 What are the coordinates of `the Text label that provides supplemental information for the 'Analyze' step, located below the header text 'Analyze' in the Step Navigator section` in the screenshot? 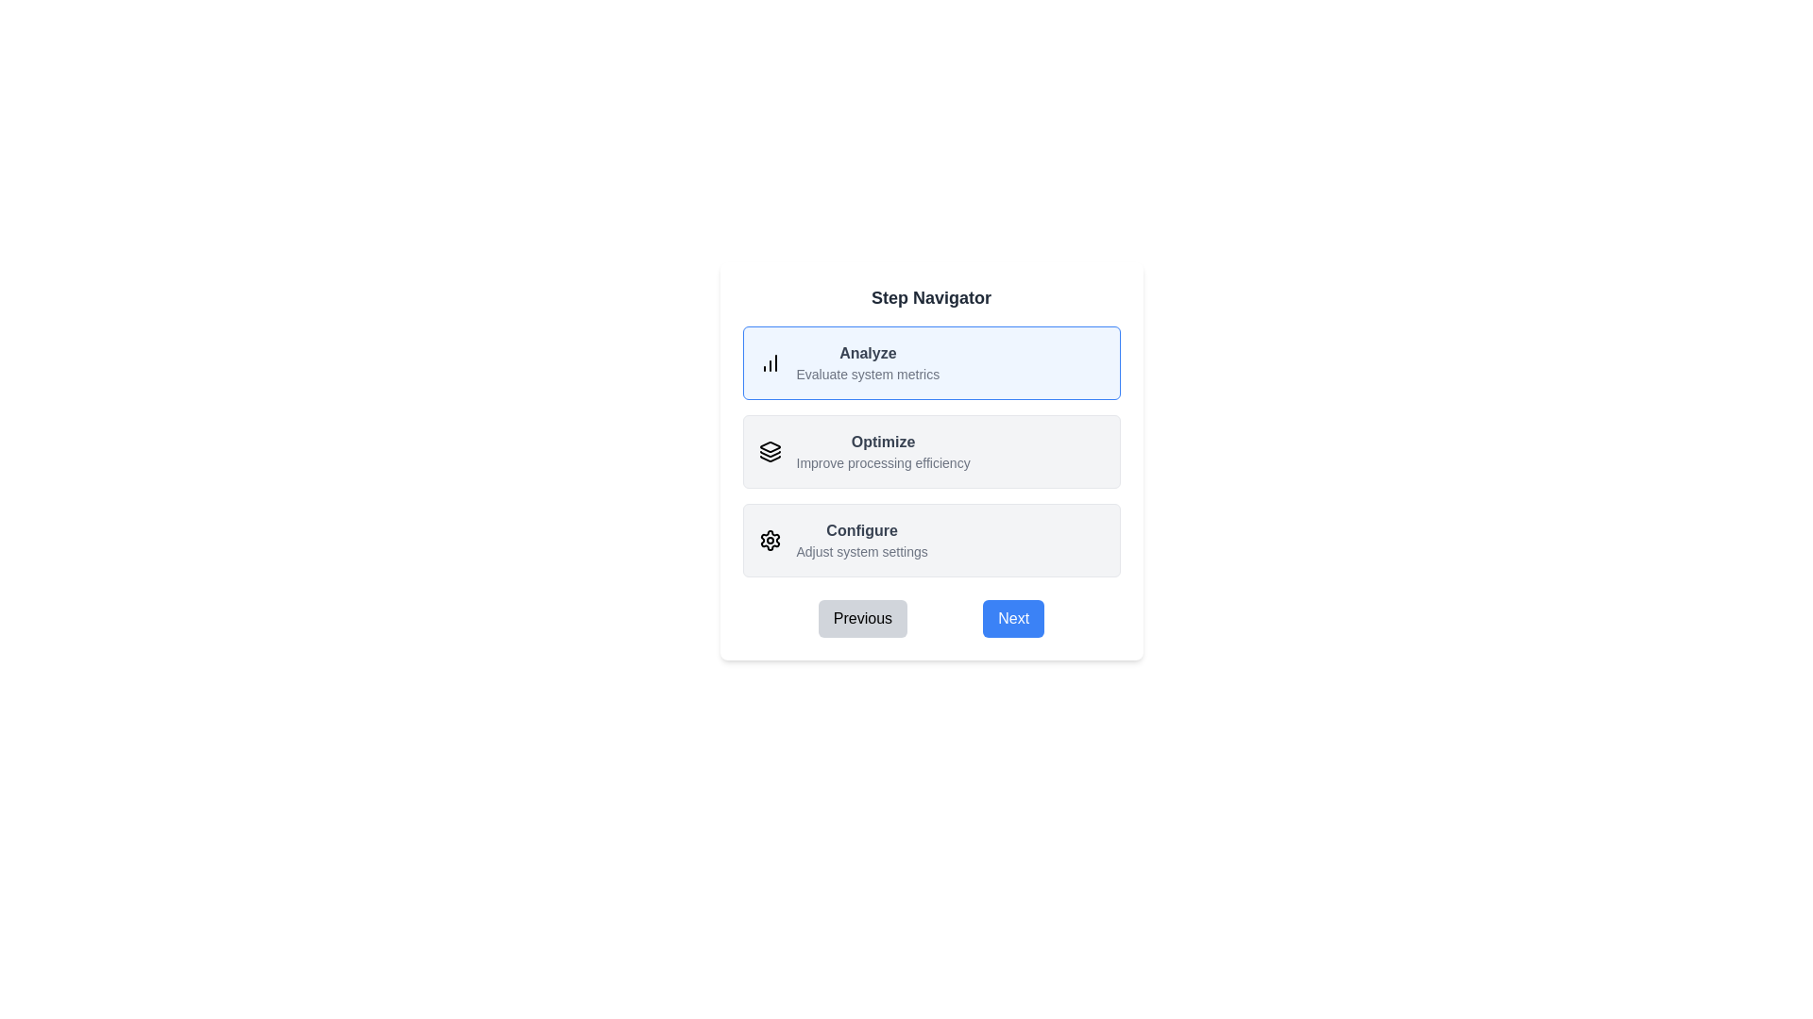 It's located at (867, 375).